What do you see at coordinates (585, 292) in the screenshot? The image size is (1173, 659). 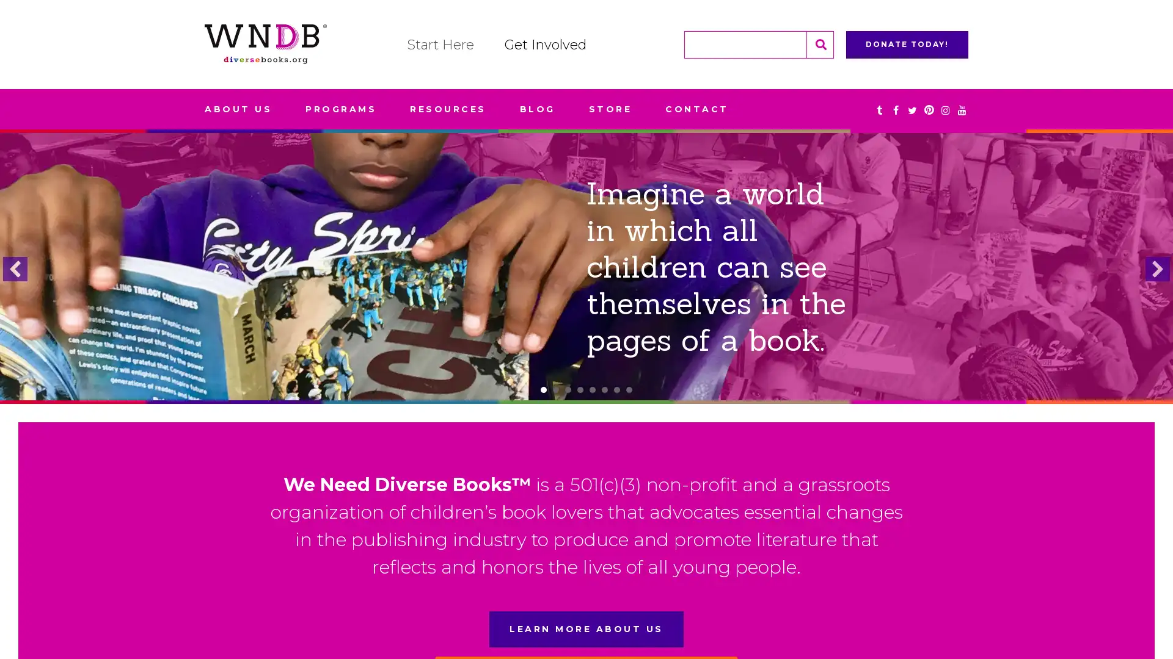 I see `SHOP OUR BONFIRE STORE` at bounding box center [585, 292].